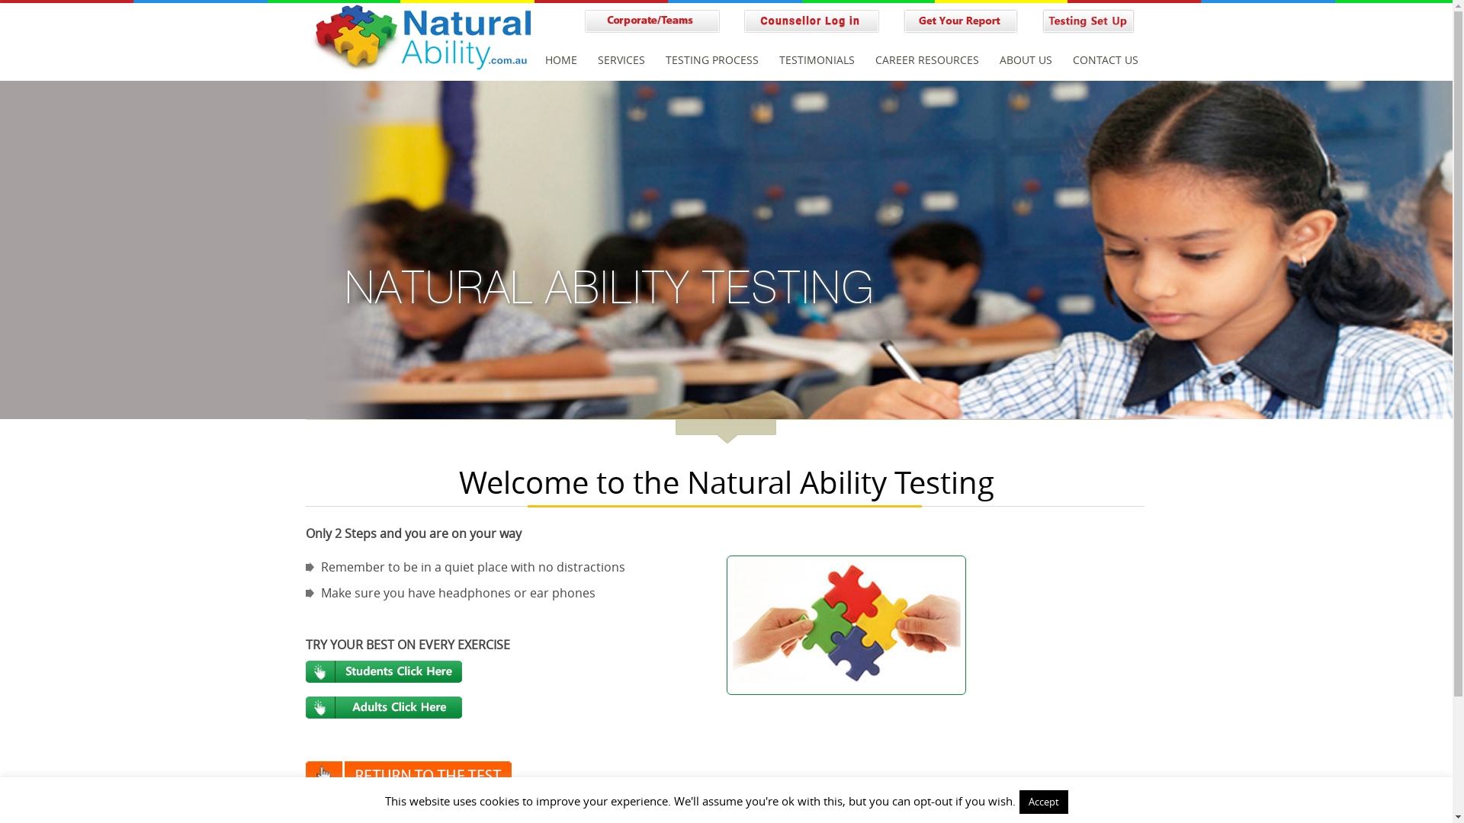 The height and width of the screenshot is (823, 1464). What do you see at coordinates (866, 59) in the screenshot?
I see `'CAREER RESOURCES'` at bounding box center [866, 59].